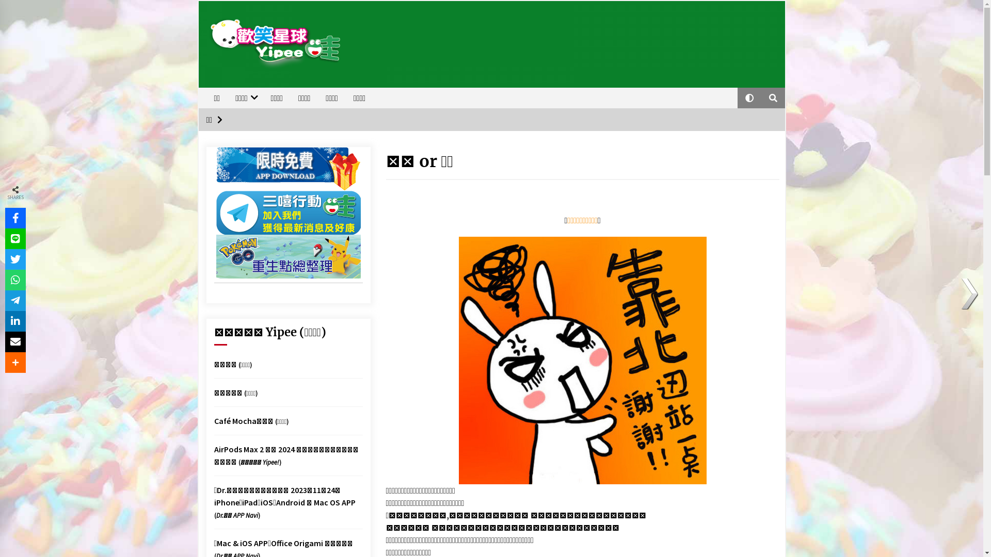 This screenshot has width=991, height=557. Describe the element at coordinates (15, 321) in the screenshot. I see `'Add this to LinkedIn'` at that location.